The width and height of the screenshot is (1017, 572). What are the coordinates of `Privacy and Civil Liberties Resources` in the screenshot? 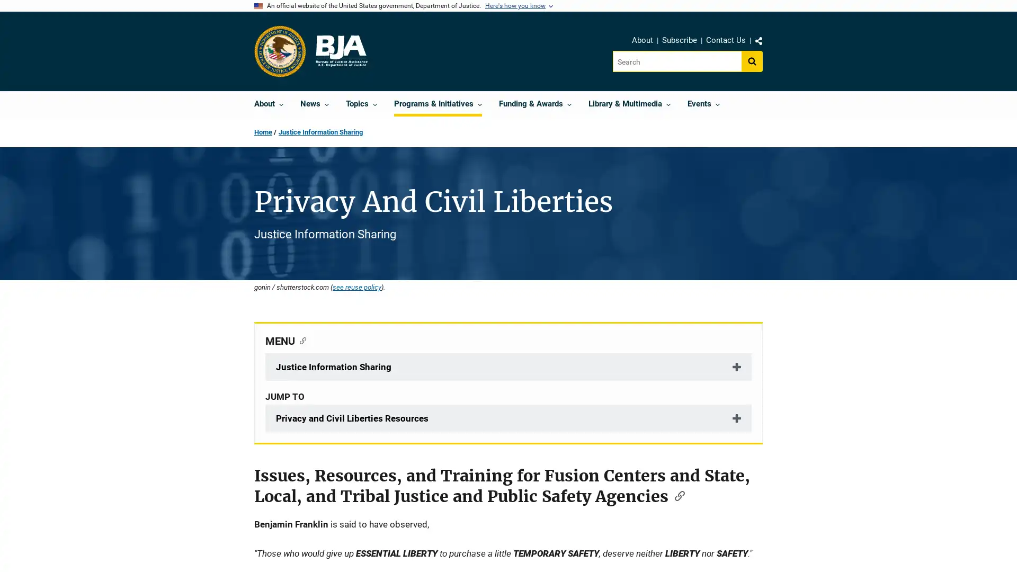 It's located at (508, 417).